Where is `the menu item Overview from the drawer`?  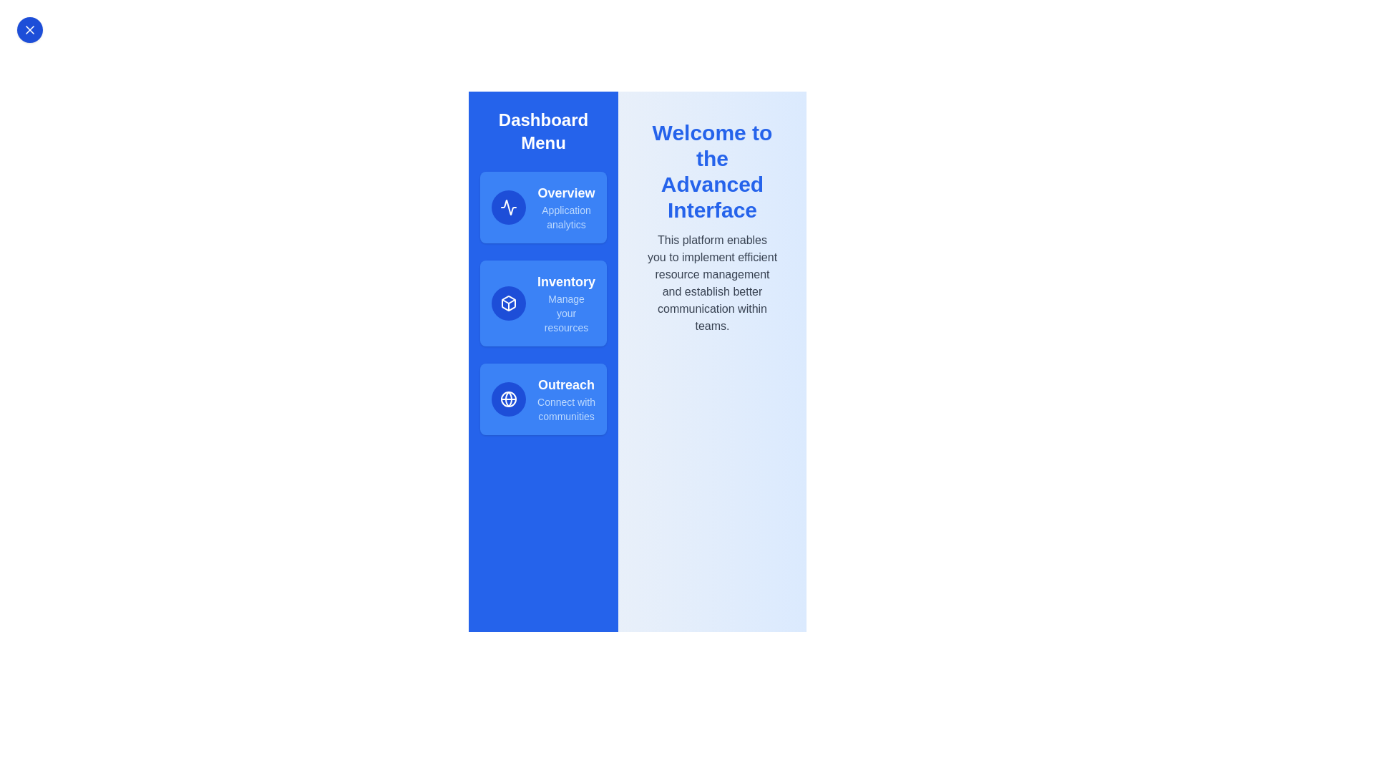 the menu item Overview from the drawer is located at coordinates (542, 207).